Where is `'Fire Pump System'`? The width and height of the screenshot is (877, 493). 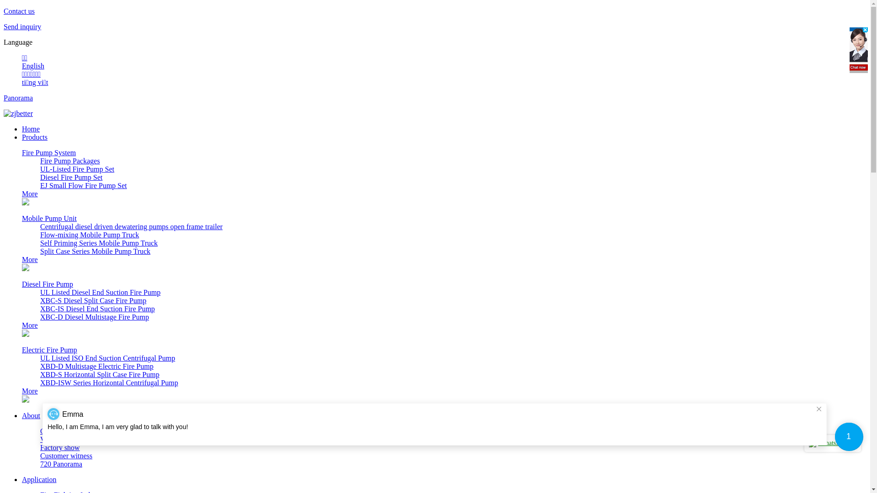 'Fire Pump System' is located at coordinates (48, 152).